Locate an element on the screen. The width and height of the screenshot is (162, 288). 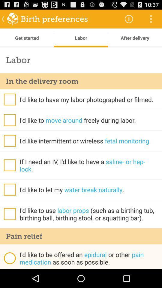
option is located at coordinates (9, 99).